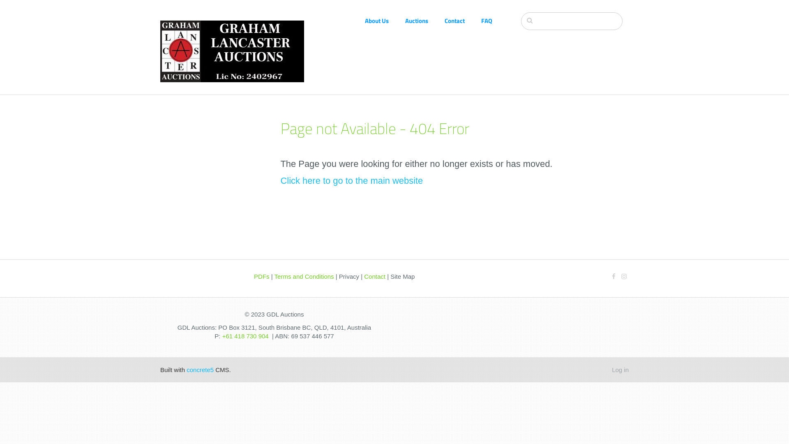  What do you see at coordinates (261, 276) in the screenshot?
I see `'PDFs'` at bounding box center [261, 276].